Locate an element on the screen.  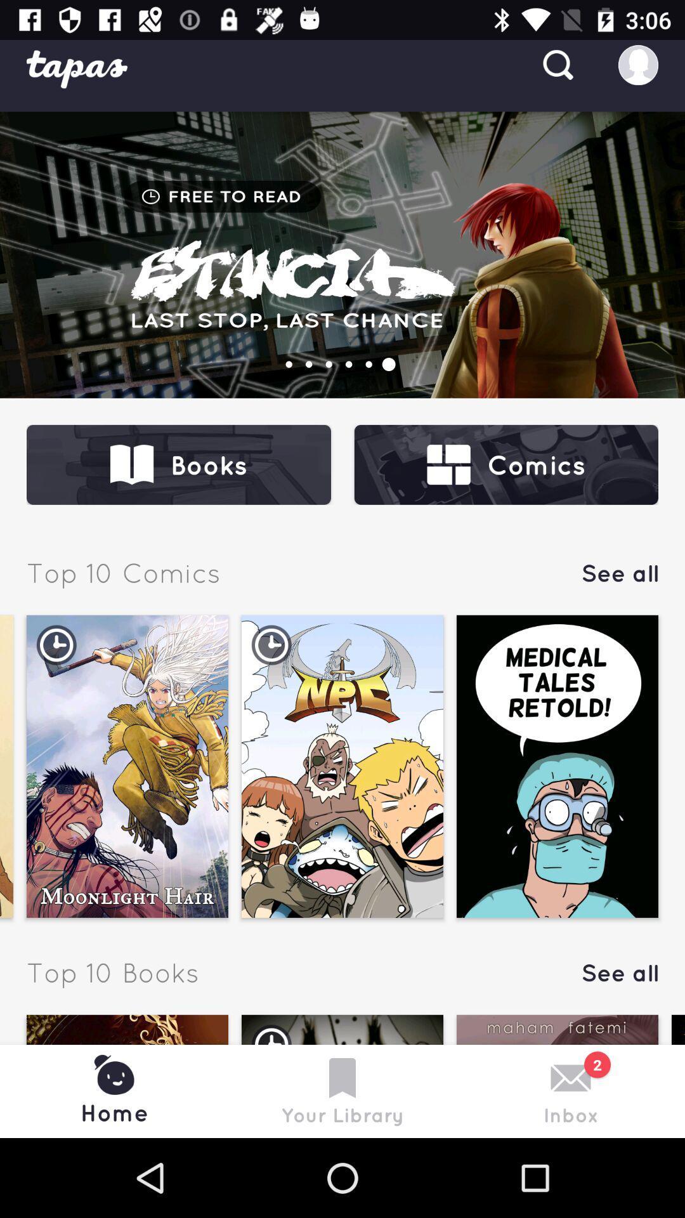
the box next to books is located at coordinates (506, 464).